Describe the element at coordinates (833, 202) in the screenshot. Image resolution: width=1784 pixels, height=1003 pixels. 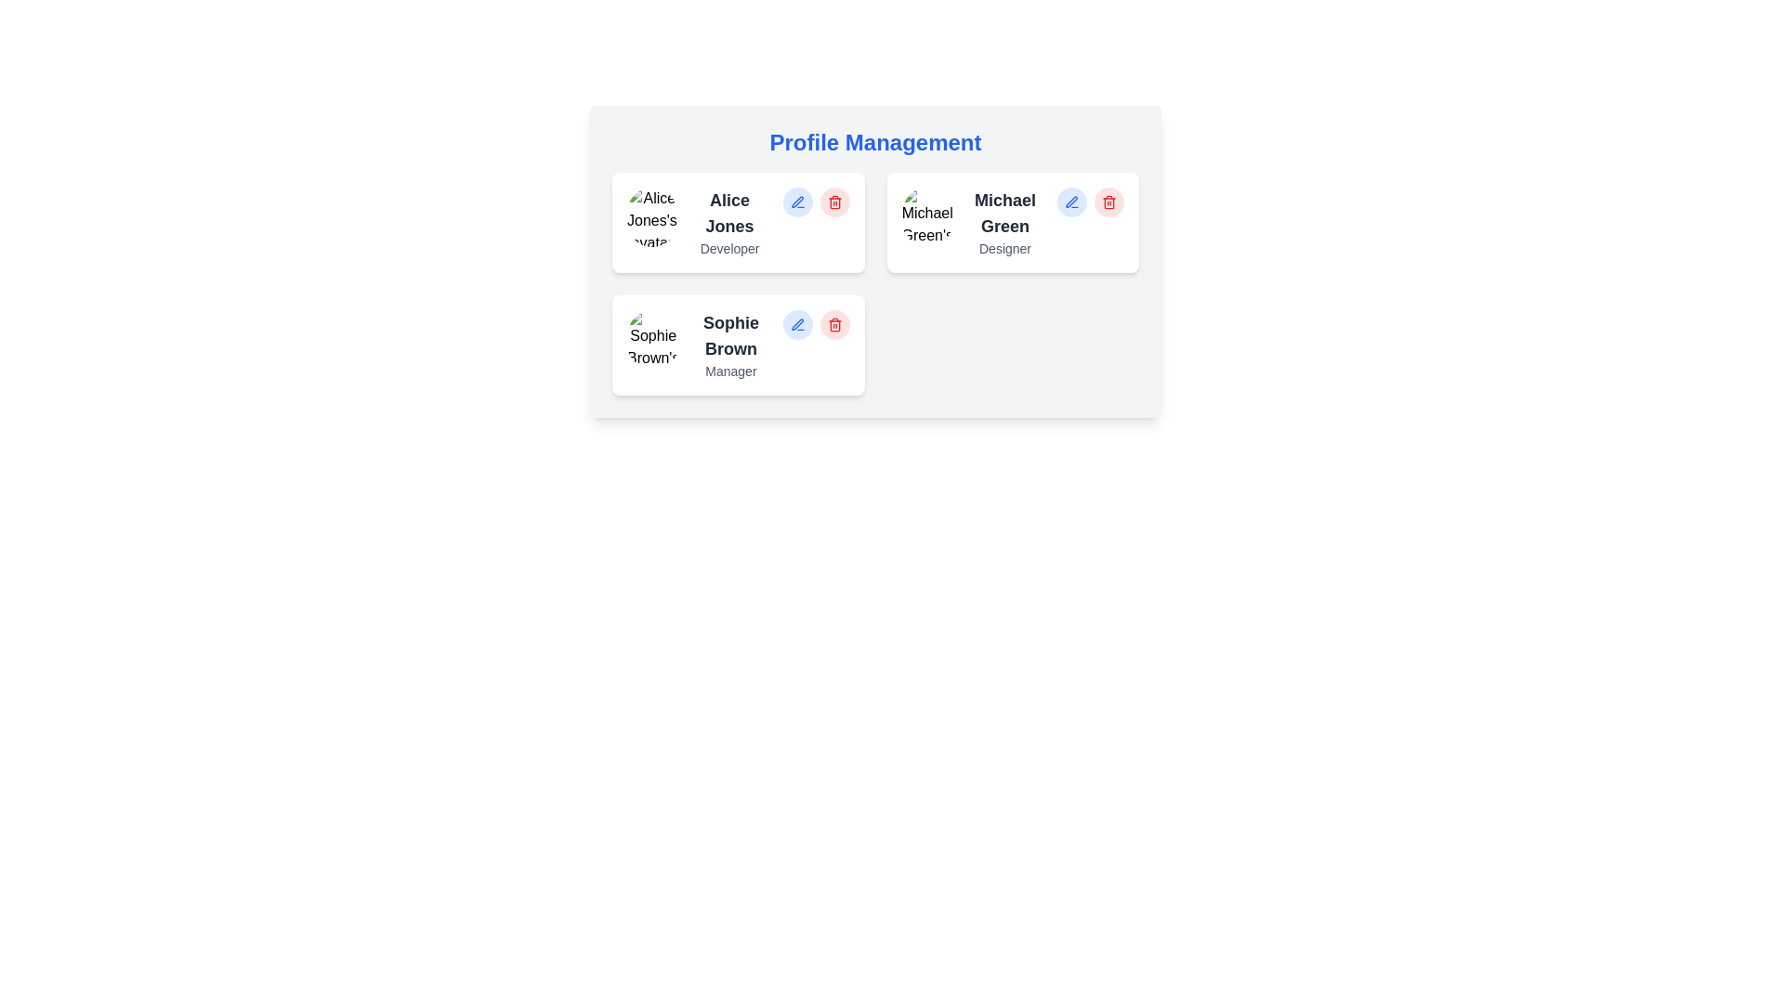
I see `the circular red button with a trash can icon located at the rightmost position in the top row of buttons associated with Alice Jones's profile` at that location.